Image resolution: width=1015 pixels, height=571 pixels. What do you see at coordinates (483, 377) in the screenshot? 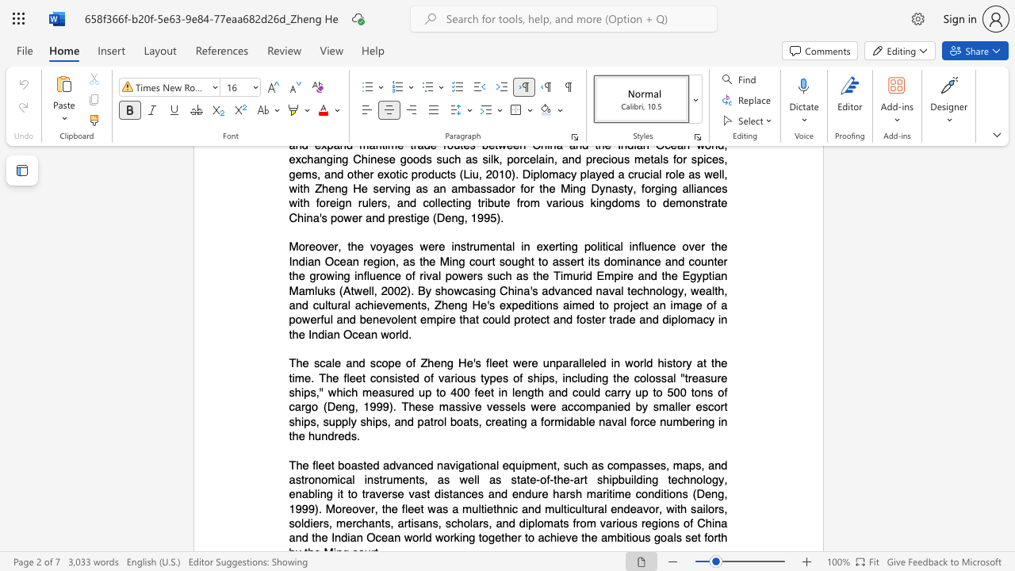
I see `the subset text "ypes" within the text "various types"` at bounding box center [483, 377].